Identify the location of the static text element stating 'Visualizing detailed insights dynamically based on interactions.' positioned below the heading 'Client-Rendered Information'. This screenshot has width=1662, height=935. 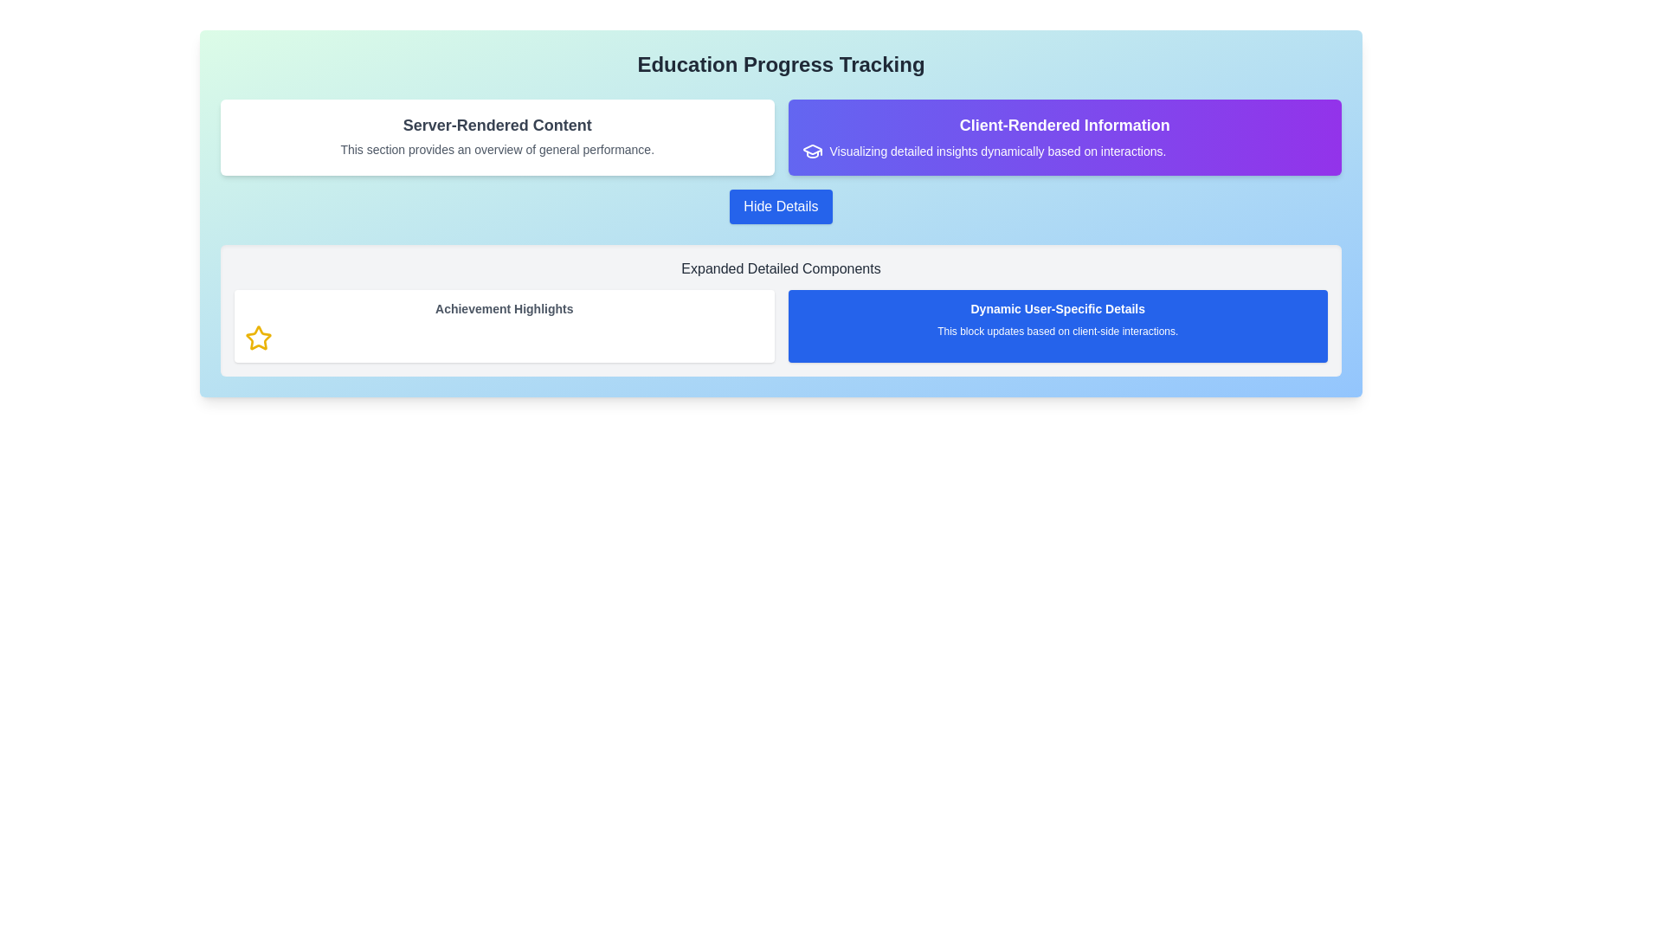
(1064, 150).